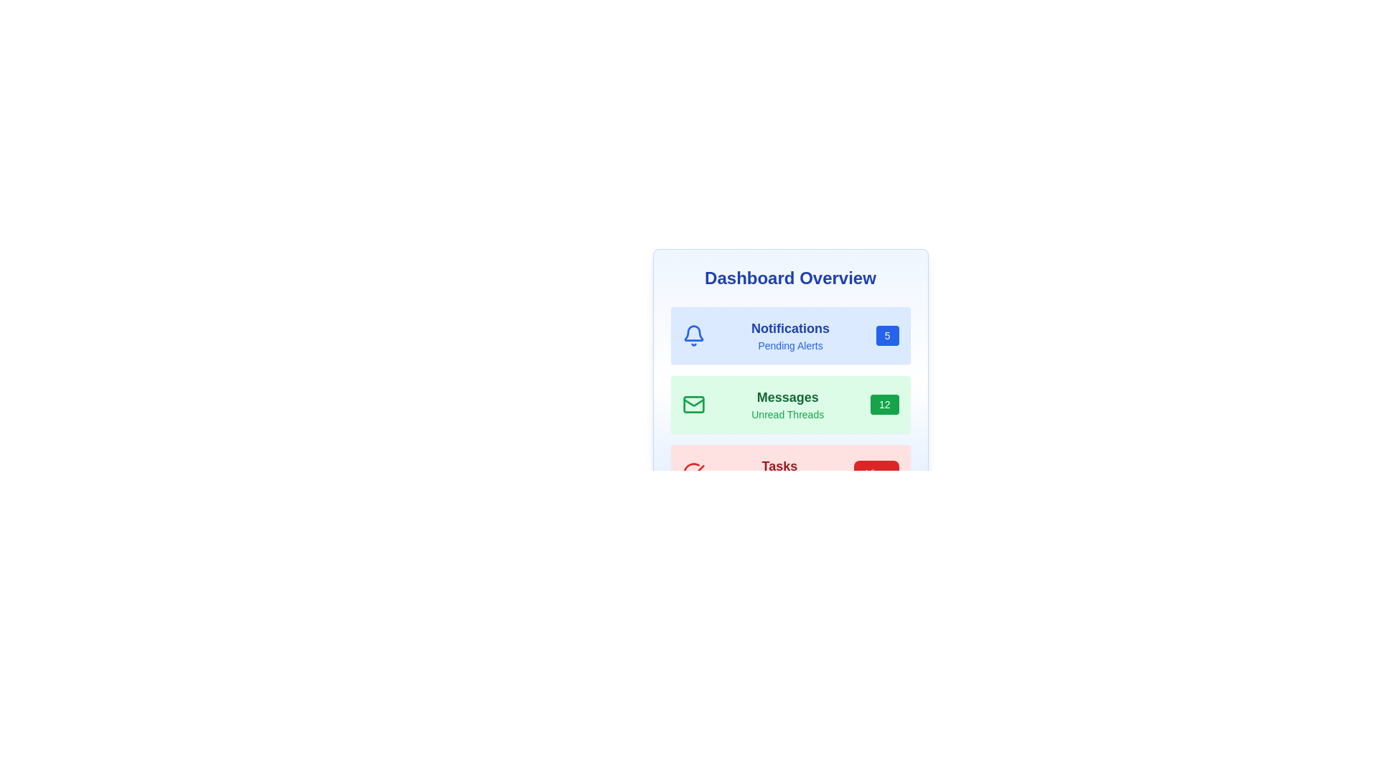  Describe the element at coordinates (693, 335) in the screenshot. I see `the blue bell icon located on the left side of the 'Notifications' section in the 'Dashboard Overview' panel` at that location.